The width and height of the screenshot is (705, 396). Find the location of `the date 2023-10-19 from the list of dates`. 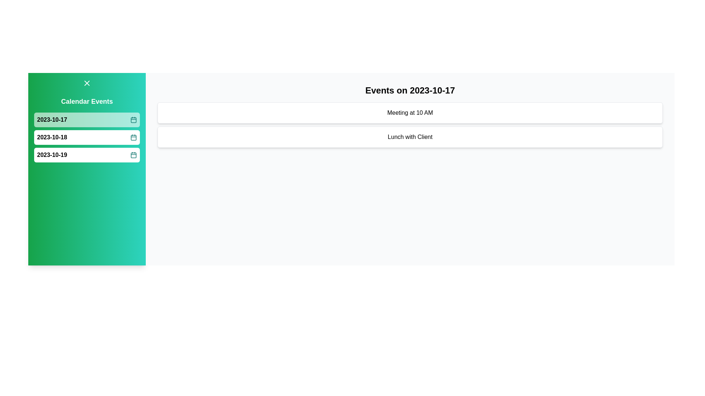

the date 2023-10-19 from the list of dates is located at coordinates (87, 155).